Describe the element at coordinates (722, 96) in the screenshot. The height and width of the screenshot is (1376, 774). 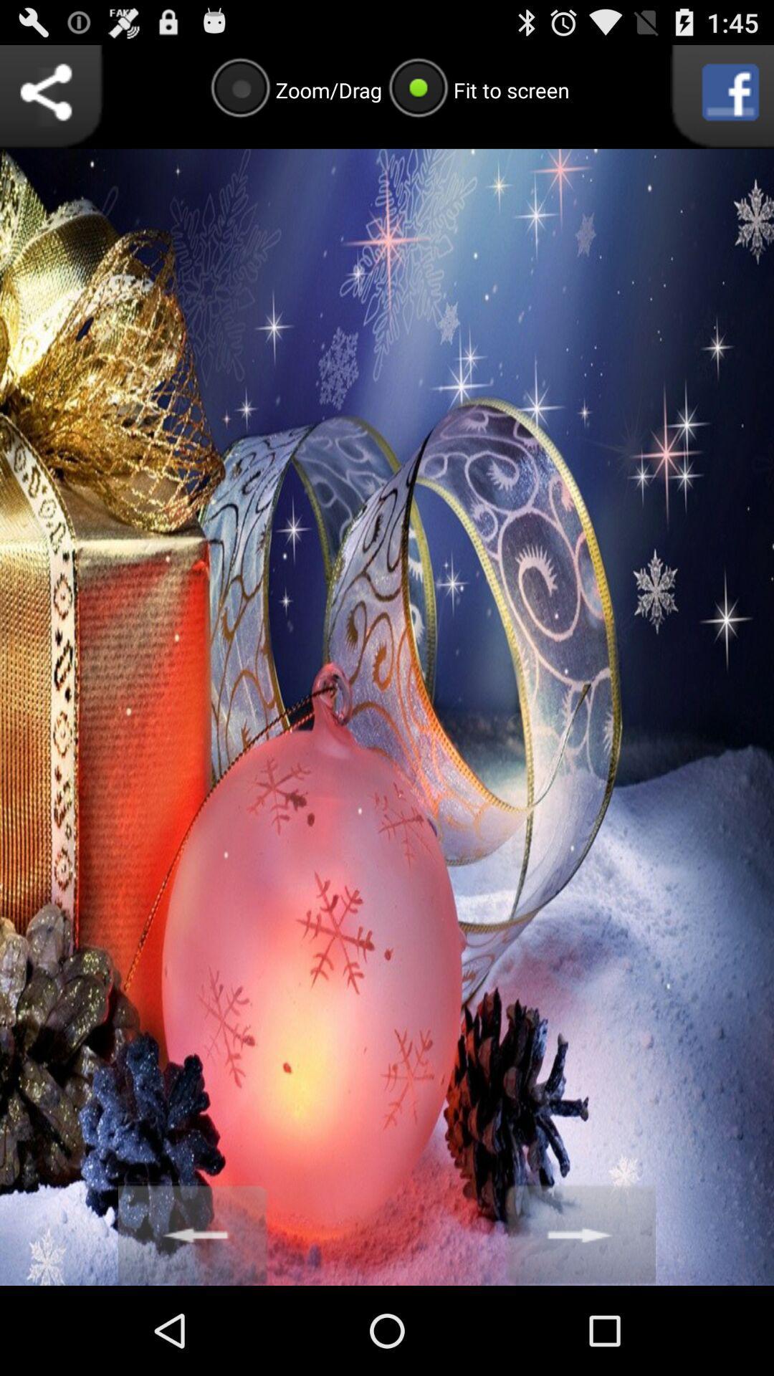
I see `facebook button` at that location.